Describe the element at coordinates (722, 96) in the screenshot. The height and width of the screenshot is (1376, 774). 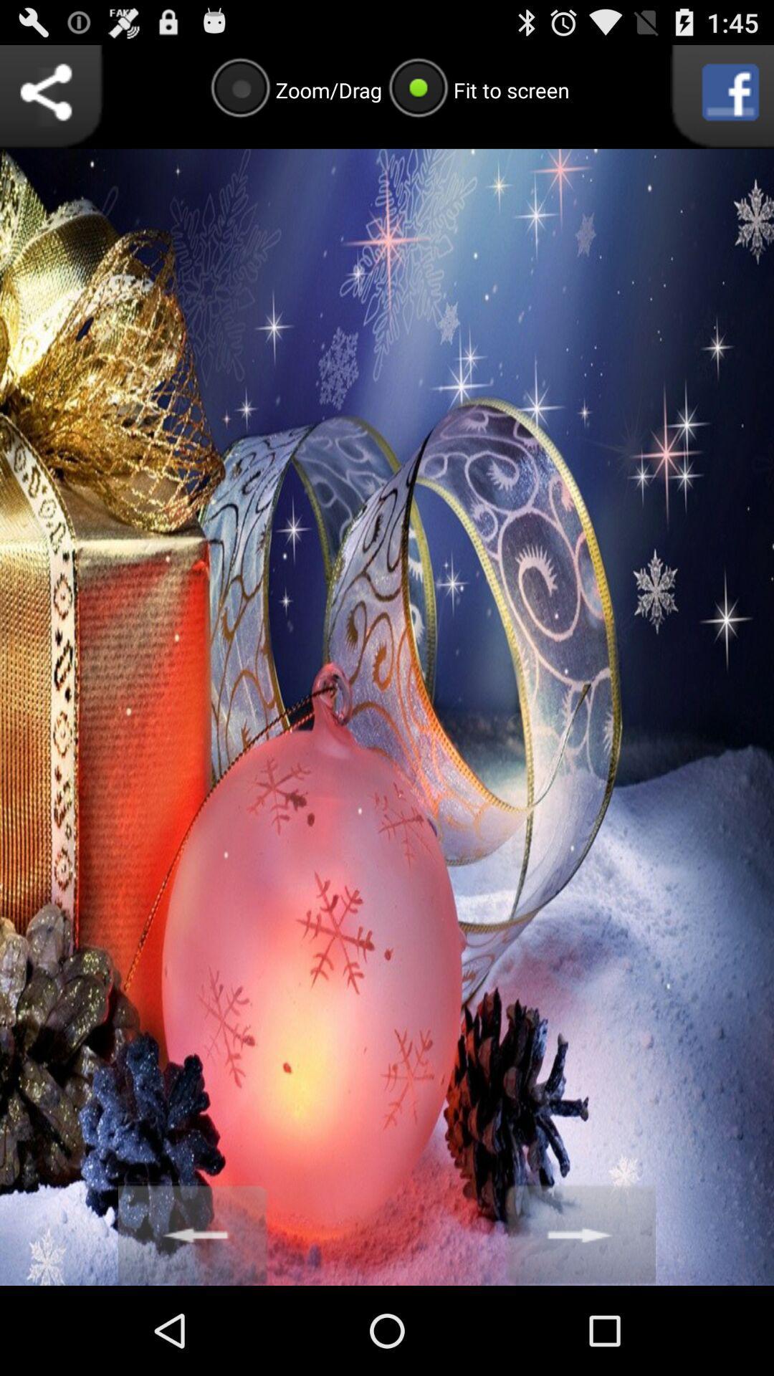
I see `facebook button` at that location.